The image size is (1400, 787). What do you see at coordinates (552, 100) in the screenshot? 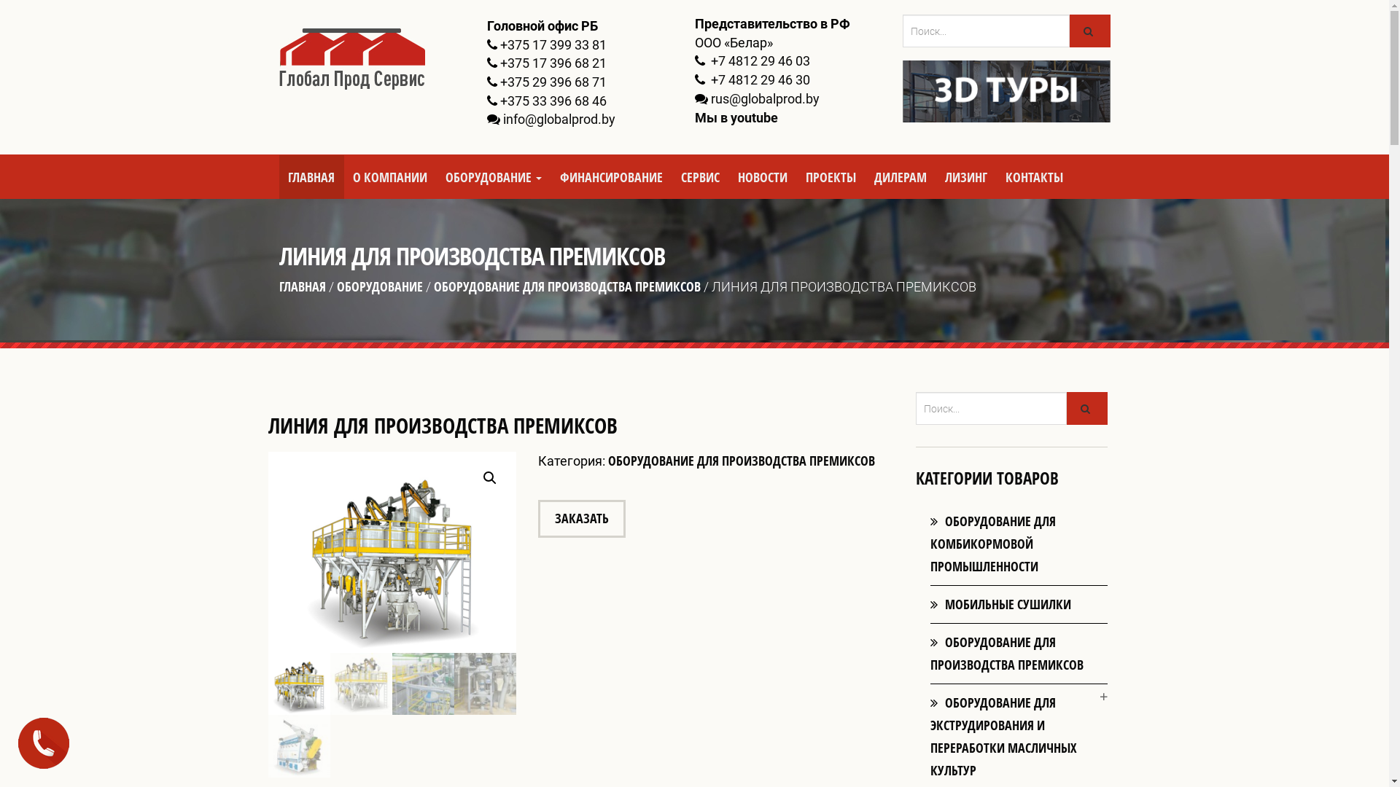
I see `'+375 33 396 68 46'` at bounding box center [552, 100].